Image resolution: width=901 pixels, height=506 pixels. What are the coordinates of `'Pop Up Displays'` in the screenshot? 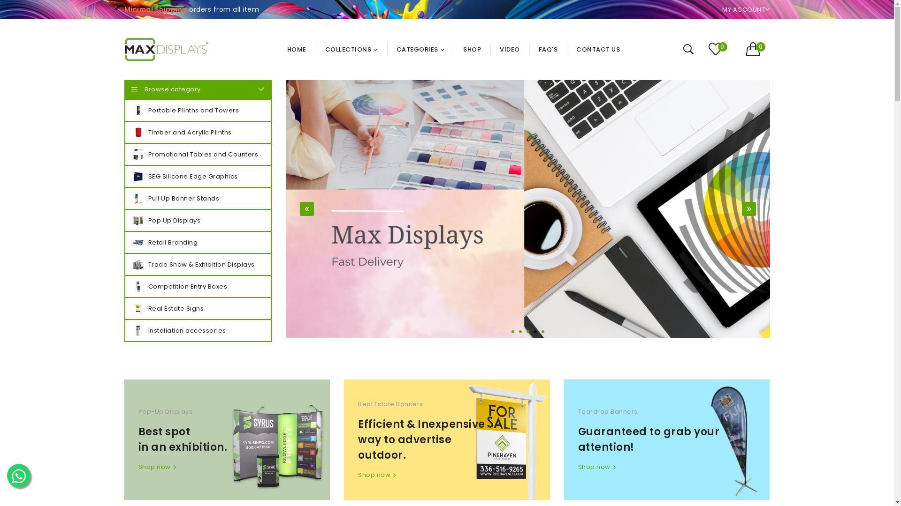 It's located at (197, 220).